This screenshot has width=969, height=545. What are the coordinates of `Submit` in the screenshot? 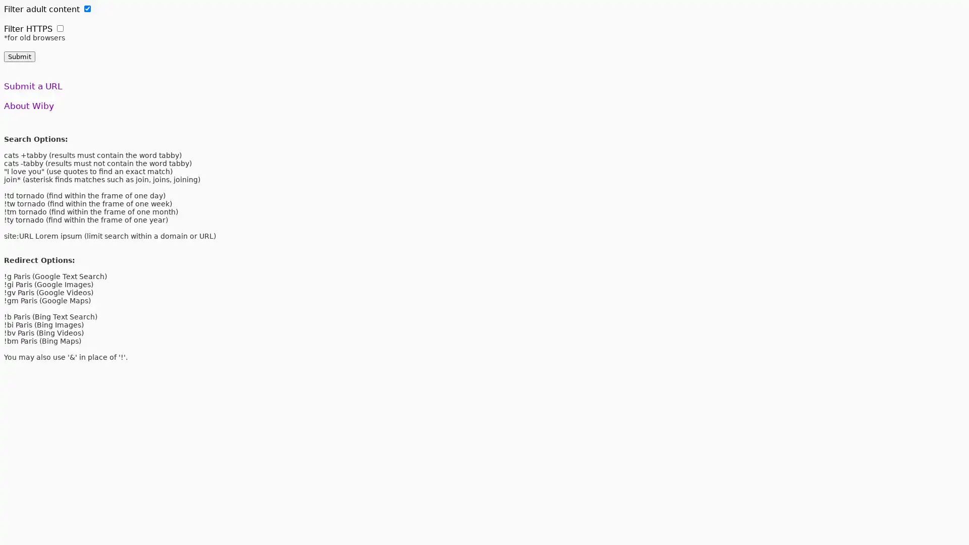 It's located at (19, 57).